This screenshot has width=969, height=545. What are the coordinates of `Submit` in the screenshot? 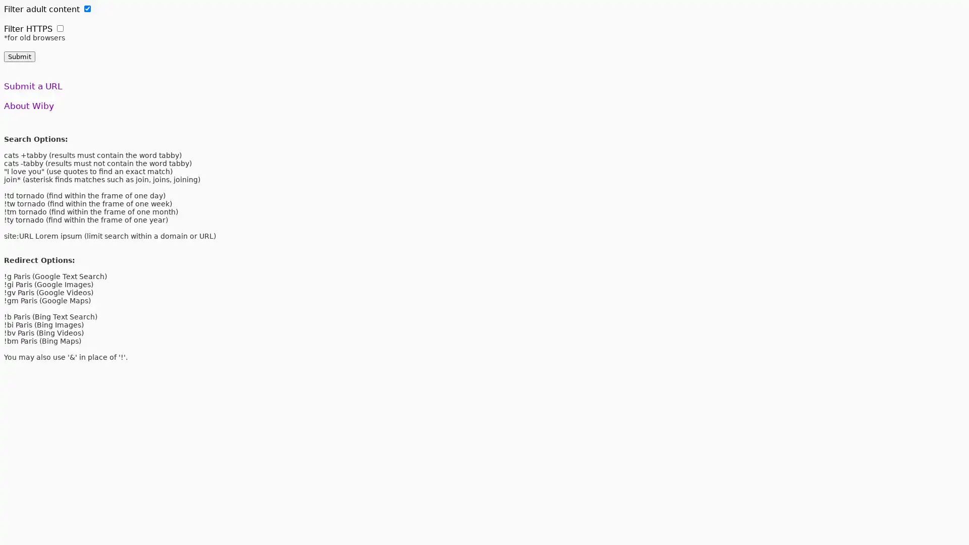 It's located at (19, 57).